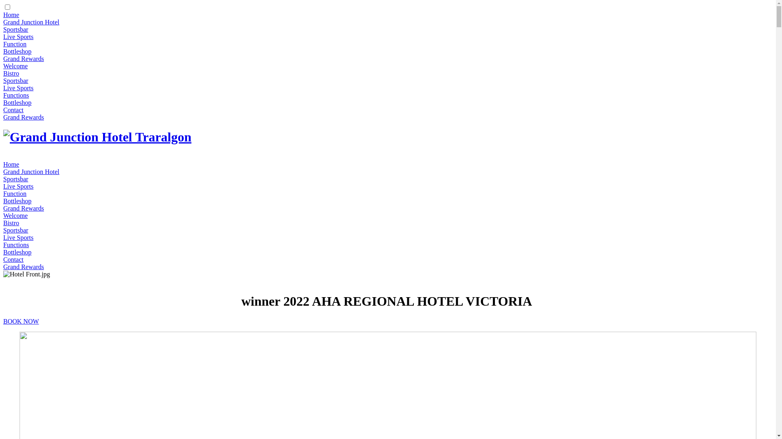  What do you see at coordinates (17, 201) in the screenshot?
I see `'Bottleshop'` at bounding box center [17, 201].